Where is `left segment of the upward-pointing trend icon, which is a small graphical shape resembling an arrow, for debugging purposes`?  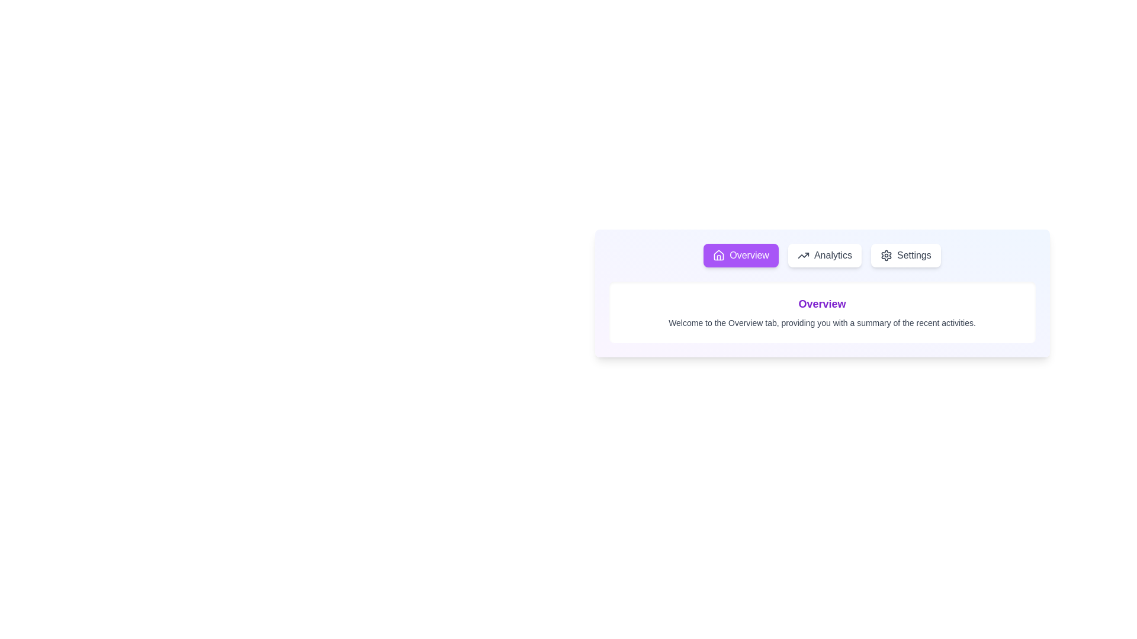
left segment of the upward-pointing trend icon, which is a small graphical shape resembling an arrow, for debugging purposes is located at coordinates (803, 255).